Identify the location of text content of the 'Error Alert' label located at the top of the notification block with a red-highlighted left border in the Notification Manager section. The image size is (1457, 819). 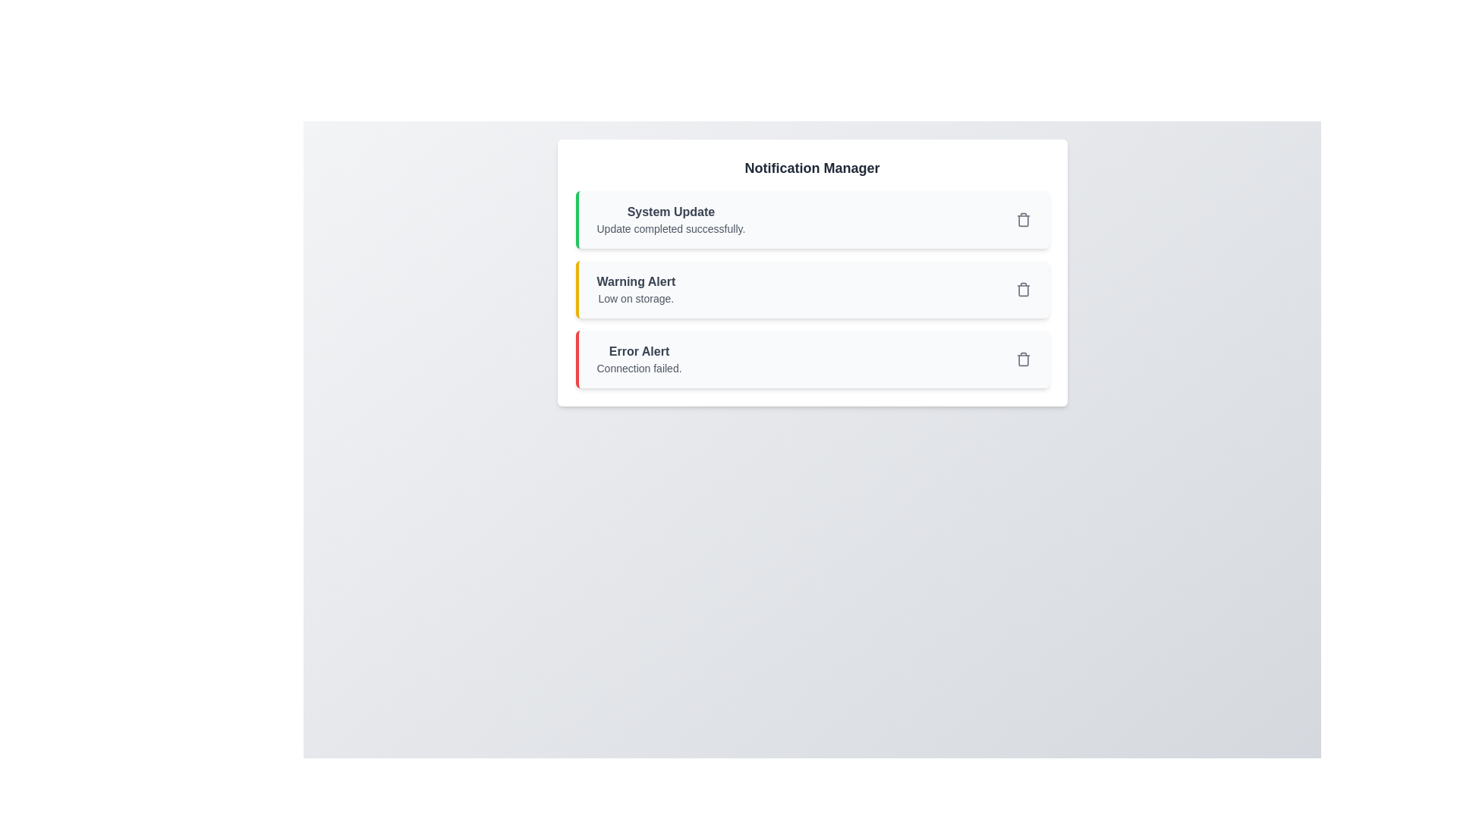
(639, 351).